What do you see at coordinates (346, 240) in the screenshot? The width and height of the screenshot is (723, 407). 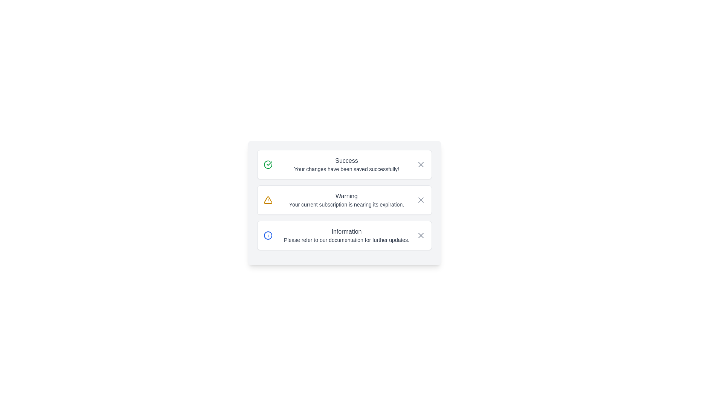 I see `the Text label that provides additional context associated with the 'Information' section, located immediately below the 'Information' heading in the informational card` at bounding box center [346, 240].